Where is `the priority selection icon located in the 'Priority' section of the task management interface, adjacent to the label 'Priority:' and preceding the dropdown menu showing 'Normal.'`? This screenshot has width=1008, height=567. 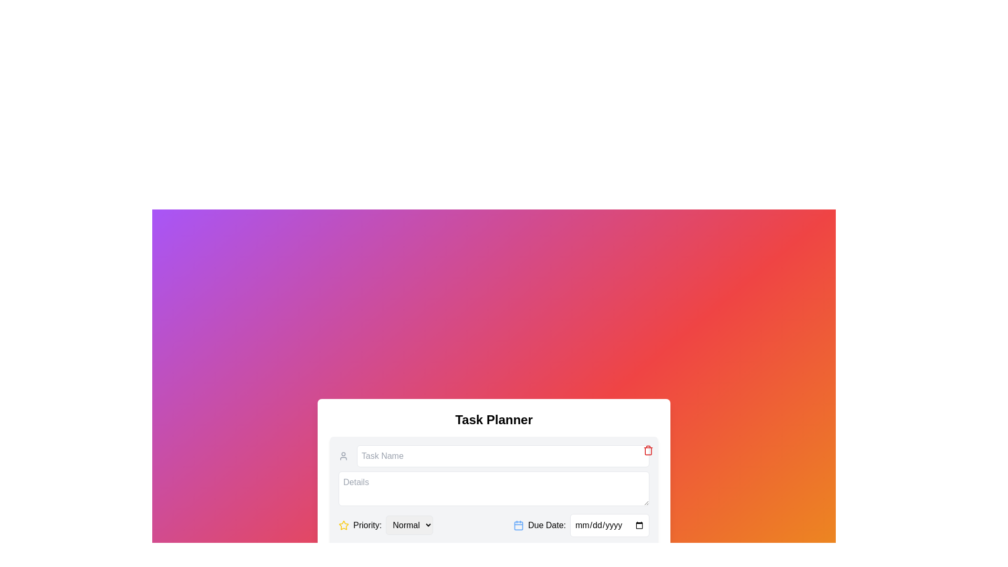
the priority selection icon located in the 'Priority' section of the task management interface, adjacent to the label 'Priority:' and preceding the dropdown menu showing 'Normal.' is located at coordinates (343, 525).